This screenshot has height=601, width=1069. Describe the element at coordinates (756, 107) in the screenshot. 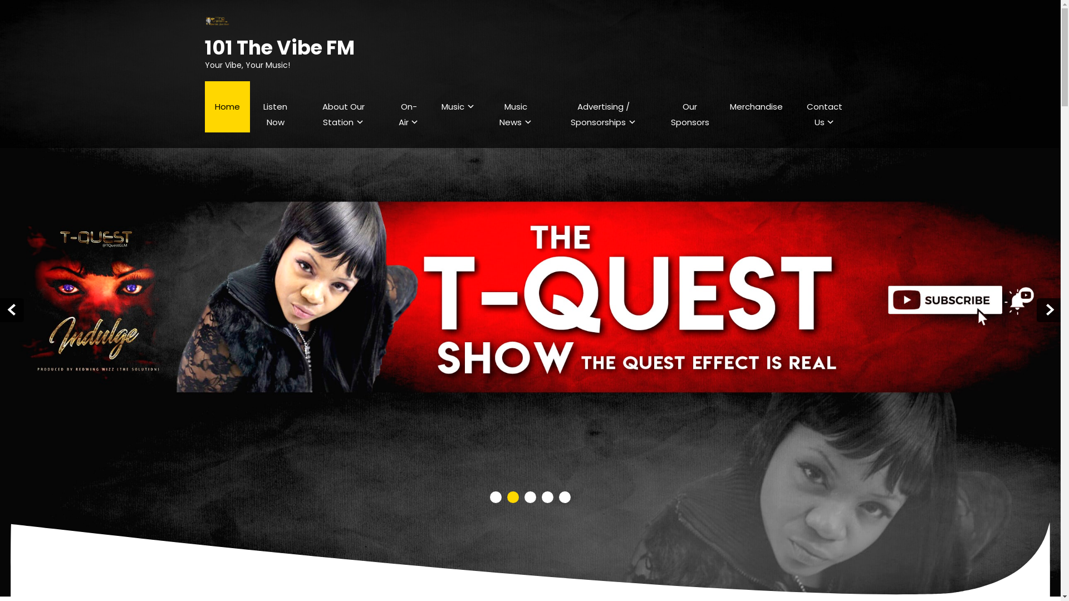

I see `'Merchandise'` at that location.